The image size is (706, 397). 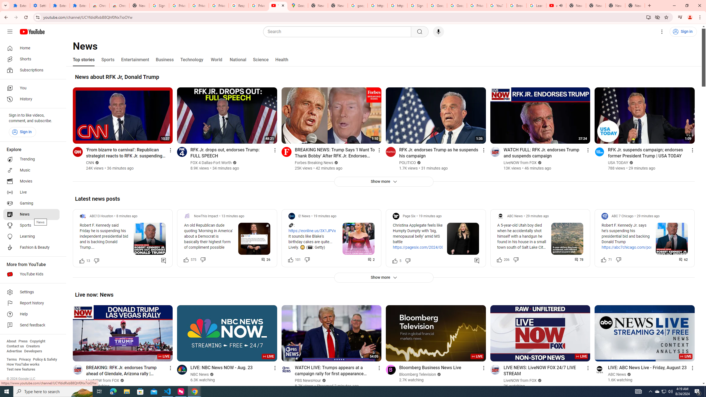 I want to click on 'Press', so click(x=23, y=341).